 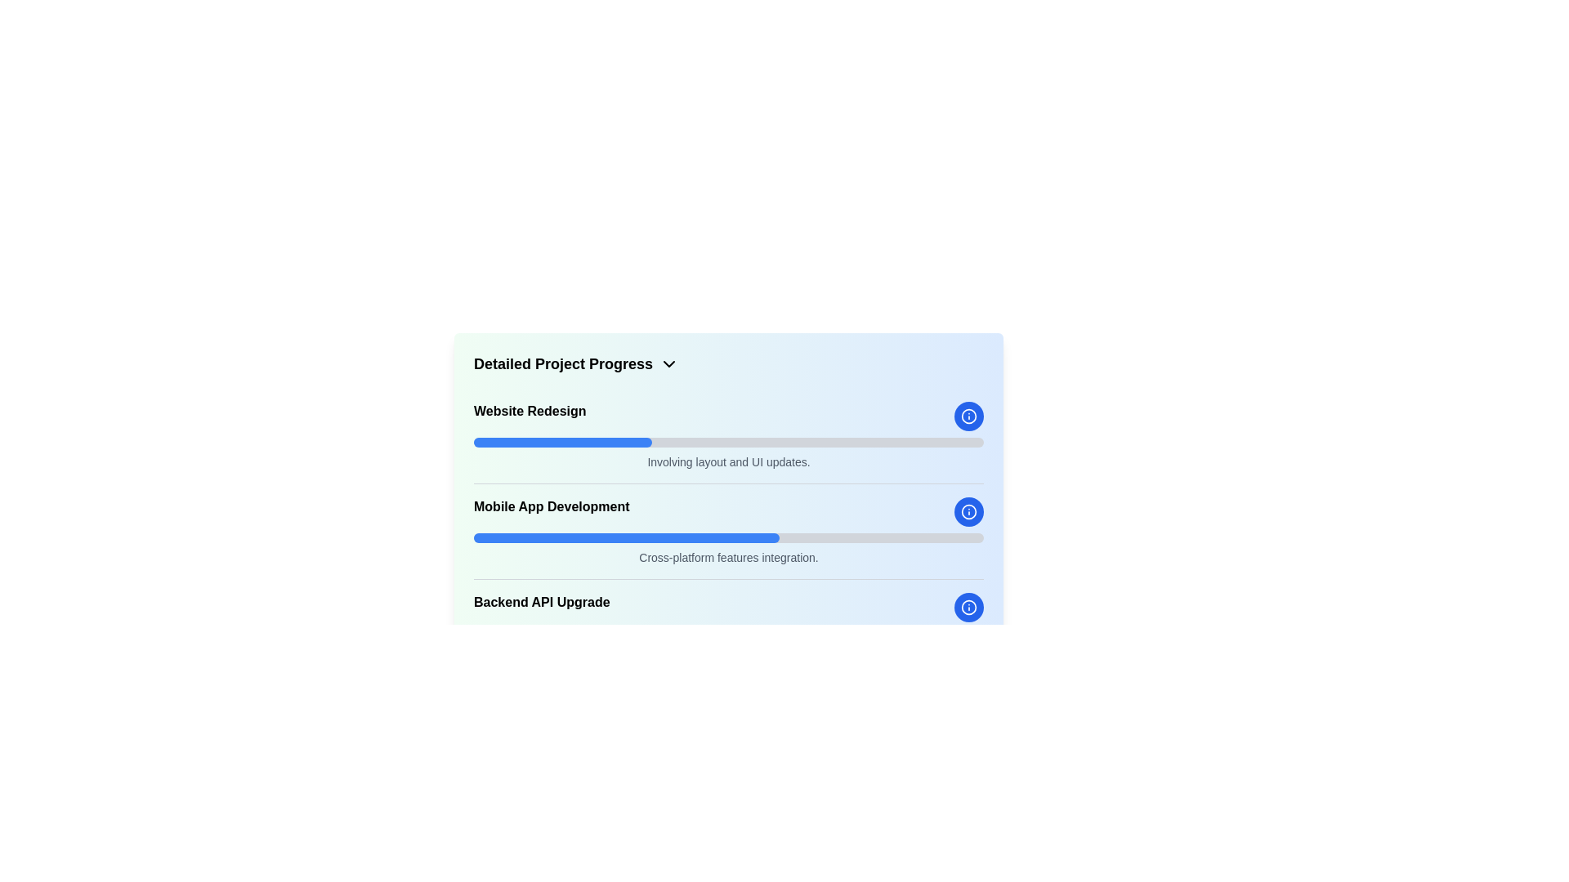 What do you see at coordinates (552, 511) in the screenshot?
I see `the Text Label displaying 'Mobile App Development', which is prominently positioned as a title or heading on the left side of a horizontal layout, between a progress bar and an info icon` at bounding box center [552, 511].